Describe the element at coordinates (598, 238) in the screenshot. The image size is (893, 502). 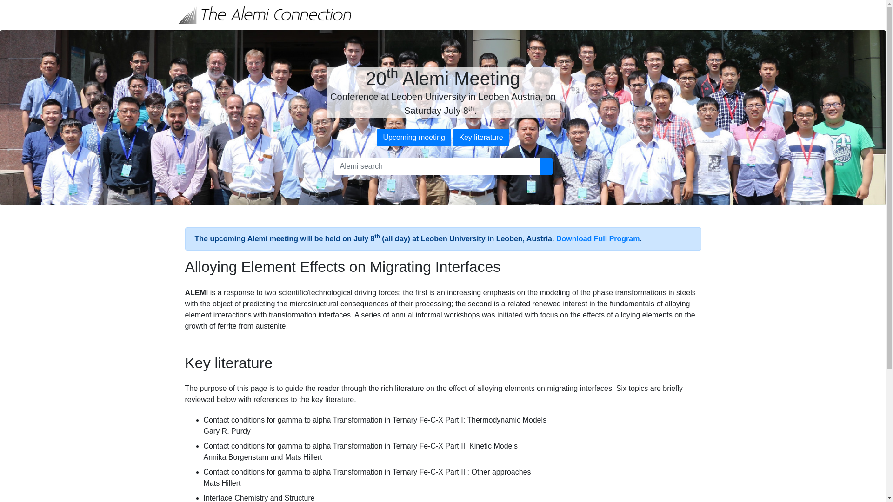
I see `'Download Full Program'` at that location.